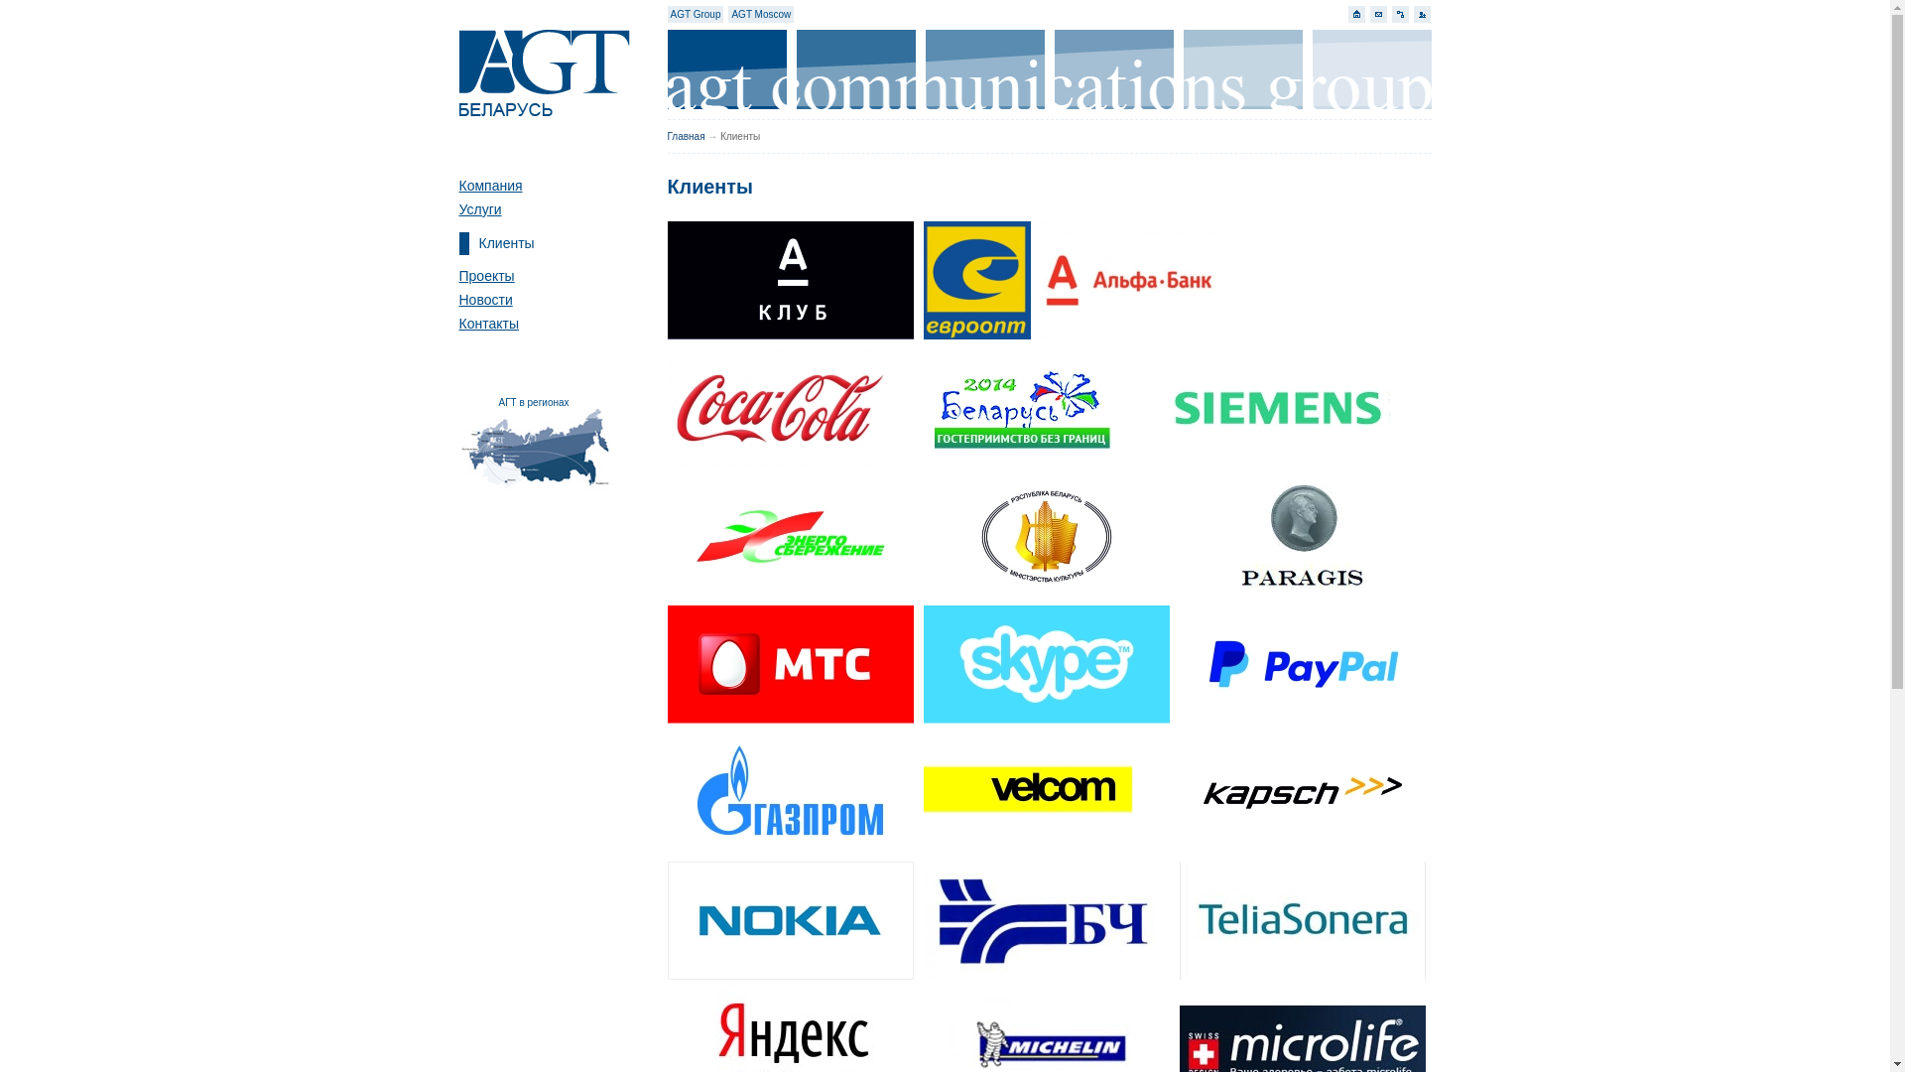  I want to click on 'Paragis', so click(1179, 536).